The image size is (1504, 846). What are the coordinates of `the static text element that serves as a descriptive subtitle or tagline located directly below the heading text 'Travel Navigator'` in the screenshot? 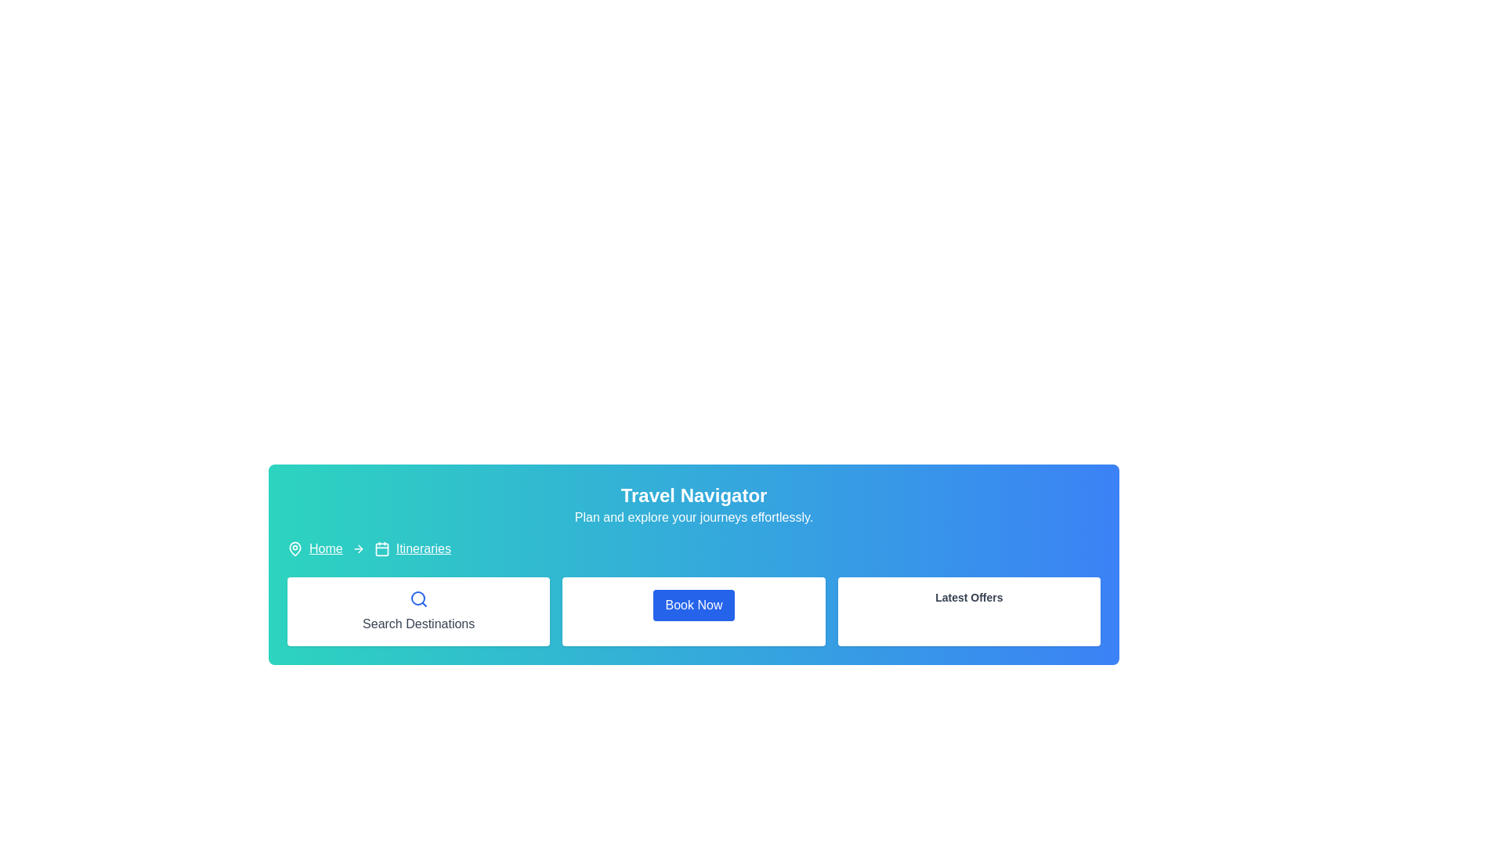 It's located at (693, 517).